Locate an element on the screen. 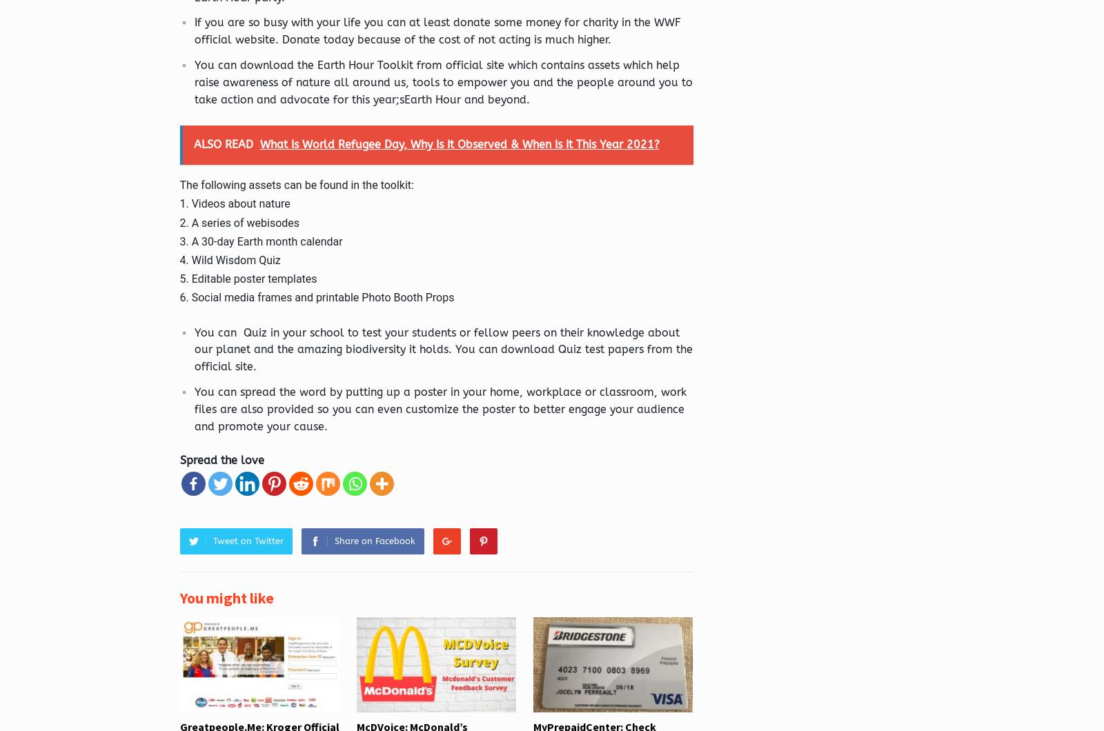 This screenshot has height=731, width=1104. 'You can  Quiz in your school to test your students or fellow peers on their knowledge about our planet and the amazing biodiversity it holds. You can download Quiz test papers from the official site.' is located at coordinates (442, 348).